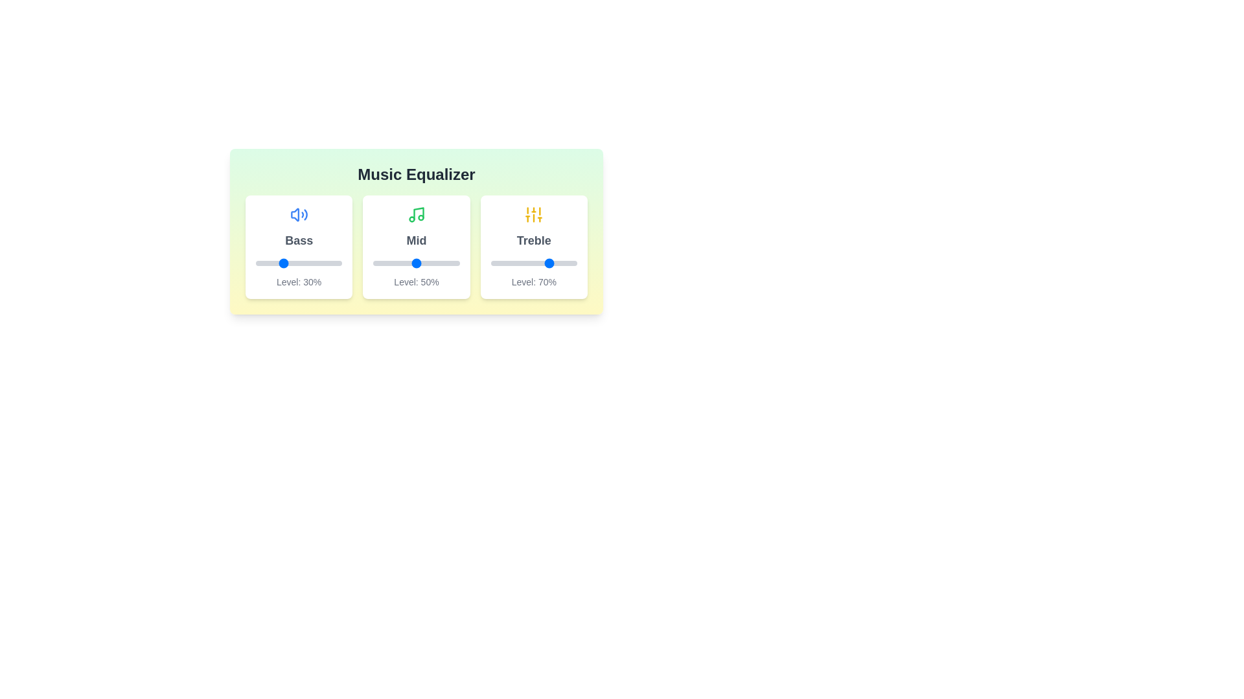  What do you see at coordinates (297, 263) in the screenshot?
I see `the bass slider to 49%` at bounding box center [297, 263].